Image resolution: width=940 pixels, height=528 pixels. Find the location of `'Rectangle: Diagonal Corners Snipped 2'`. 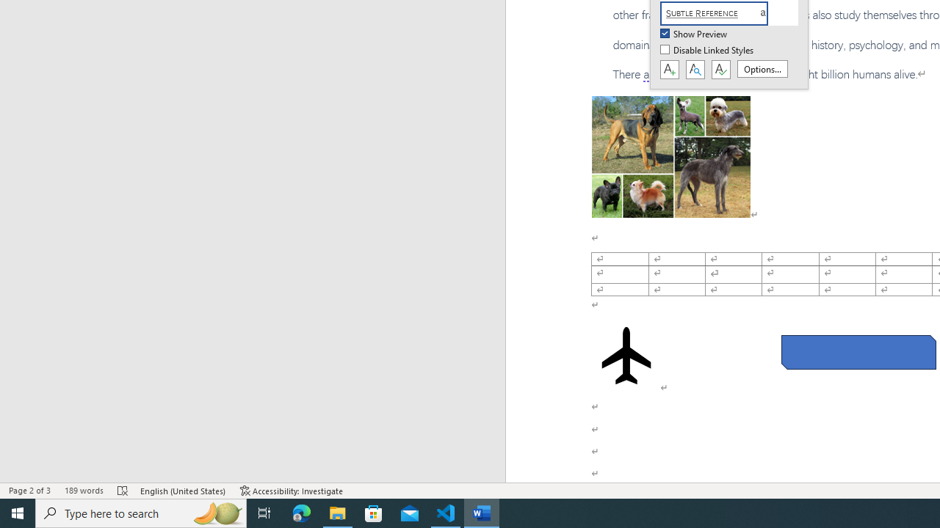

'Rectangle: Diagonal Corners Snipped 2' is located at coordinates (858, 352).